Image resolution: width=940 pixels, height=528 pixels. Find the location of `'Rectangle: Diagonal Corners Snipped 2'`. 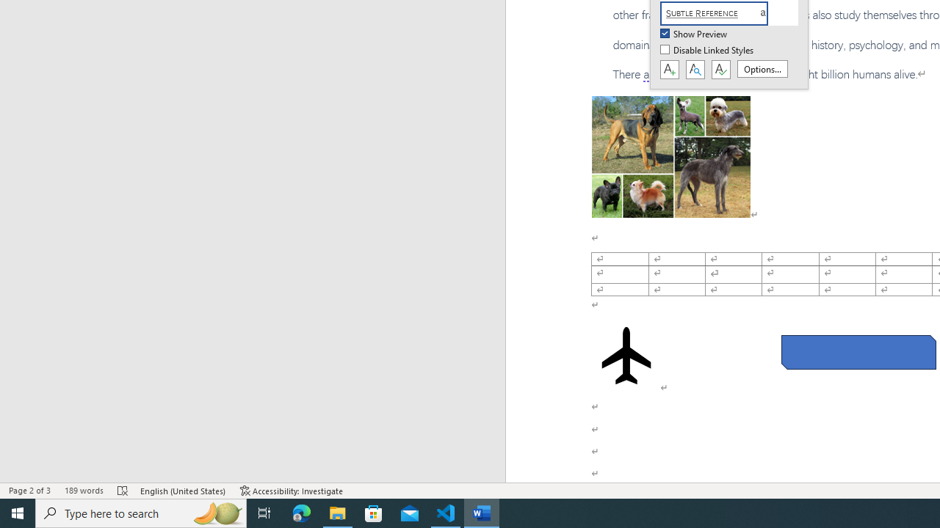

'Rectangle: Diagonal Corners Snipped 2' is located at coordinates (858, 352).